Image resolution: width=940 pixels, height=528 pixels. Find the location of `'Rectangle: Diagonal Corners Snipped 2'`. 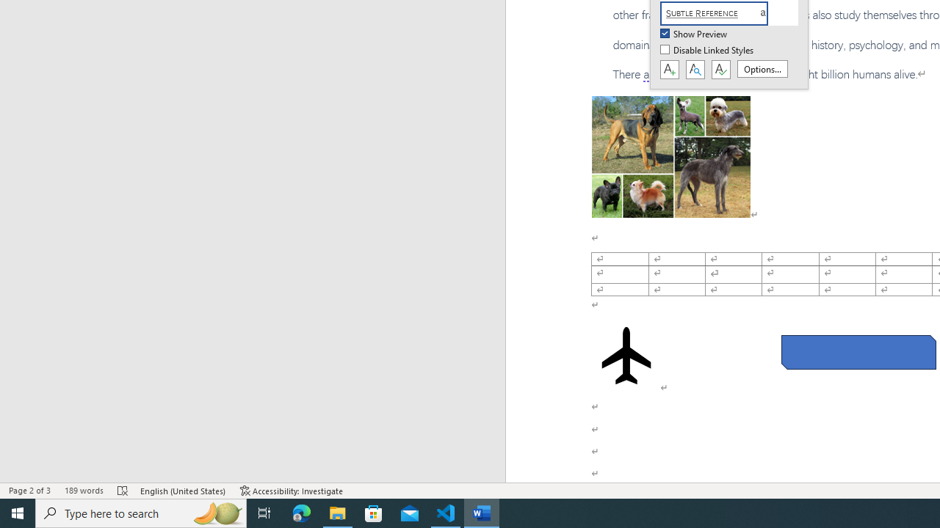

'Rectangle: Diagonal Corners Snipped 2' is located at coordinates (858, 352).